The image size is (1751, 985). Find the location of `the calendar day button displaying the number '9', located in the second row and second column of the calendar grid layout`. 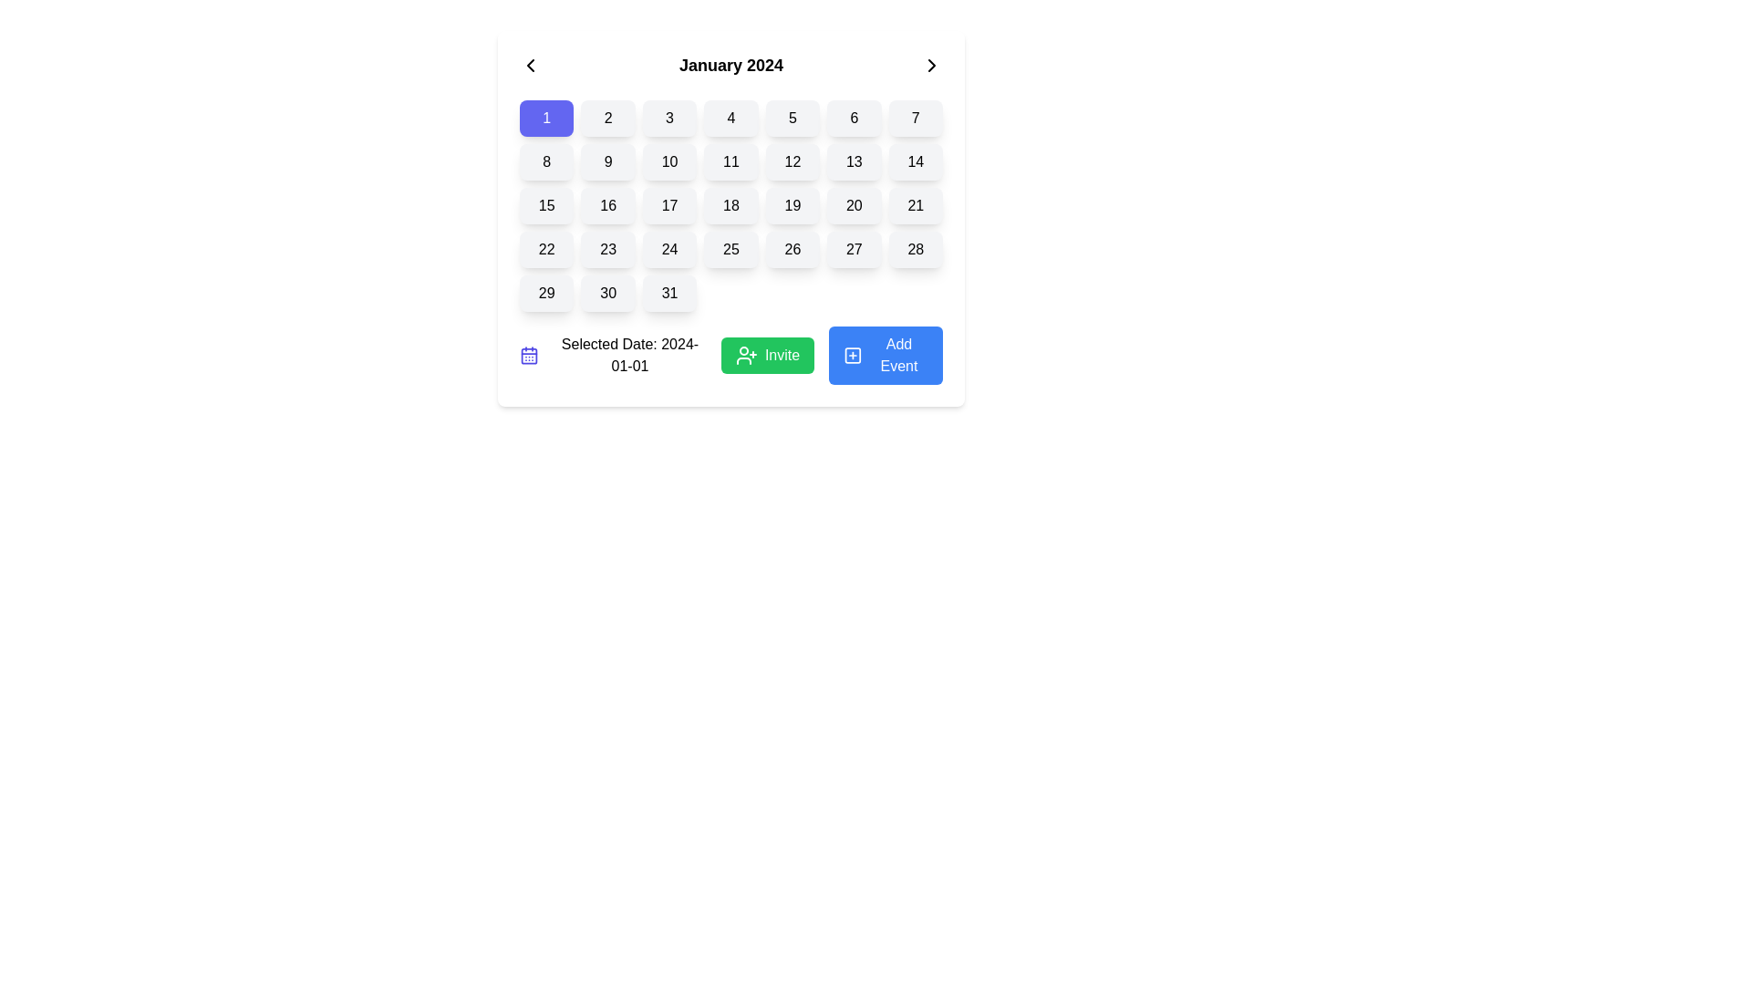

the calendar day button displaying the number '9', located in the second row and second column of the calendar grid layout is located at coordinates (608, 161).